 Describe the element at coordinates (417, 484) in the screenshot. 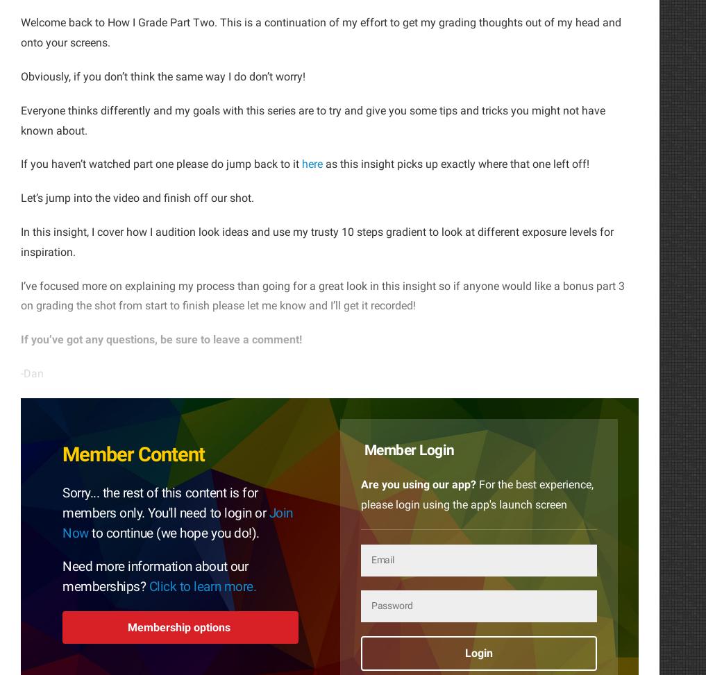

I see `'Are you using our app?'` at that location.